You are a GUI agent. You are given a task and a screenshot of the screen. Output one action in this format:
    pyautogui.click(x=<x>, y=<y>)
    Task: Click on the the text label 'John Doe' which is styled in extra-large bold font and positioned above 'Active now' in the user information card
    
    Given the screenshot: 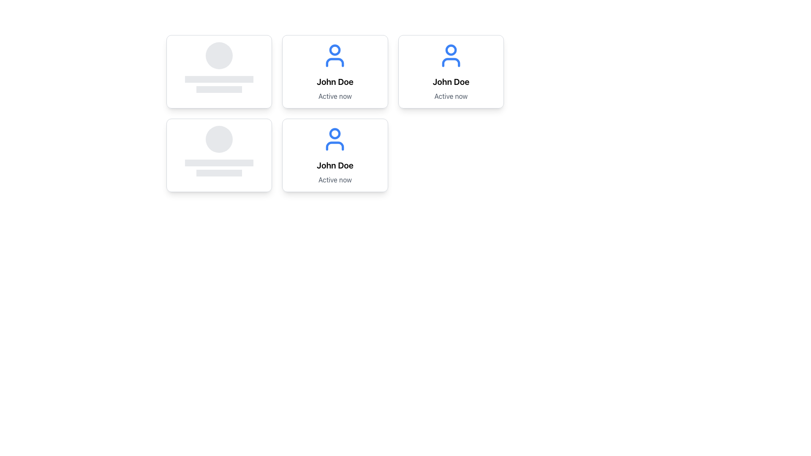 What is the action you would take?
    pyautogui.click(x=450, y=81)
    